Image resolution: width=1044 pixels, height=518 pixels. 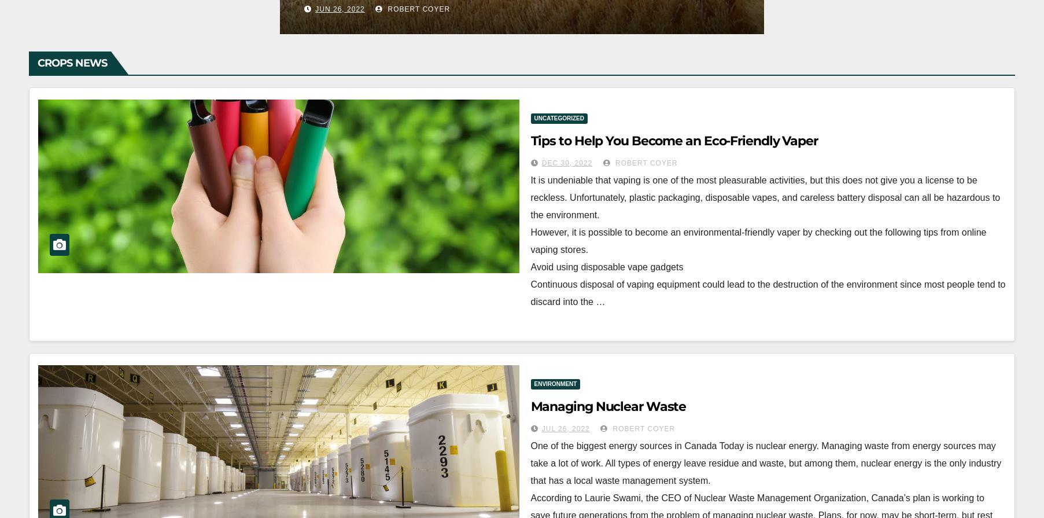 What do you see at coordinates (530, 240) in the screenshot?
I see `'However, it is possible to become an environmental-friendly vaper by checking out the following tips from online vaping stores.'` at bounding box center [530, 240].